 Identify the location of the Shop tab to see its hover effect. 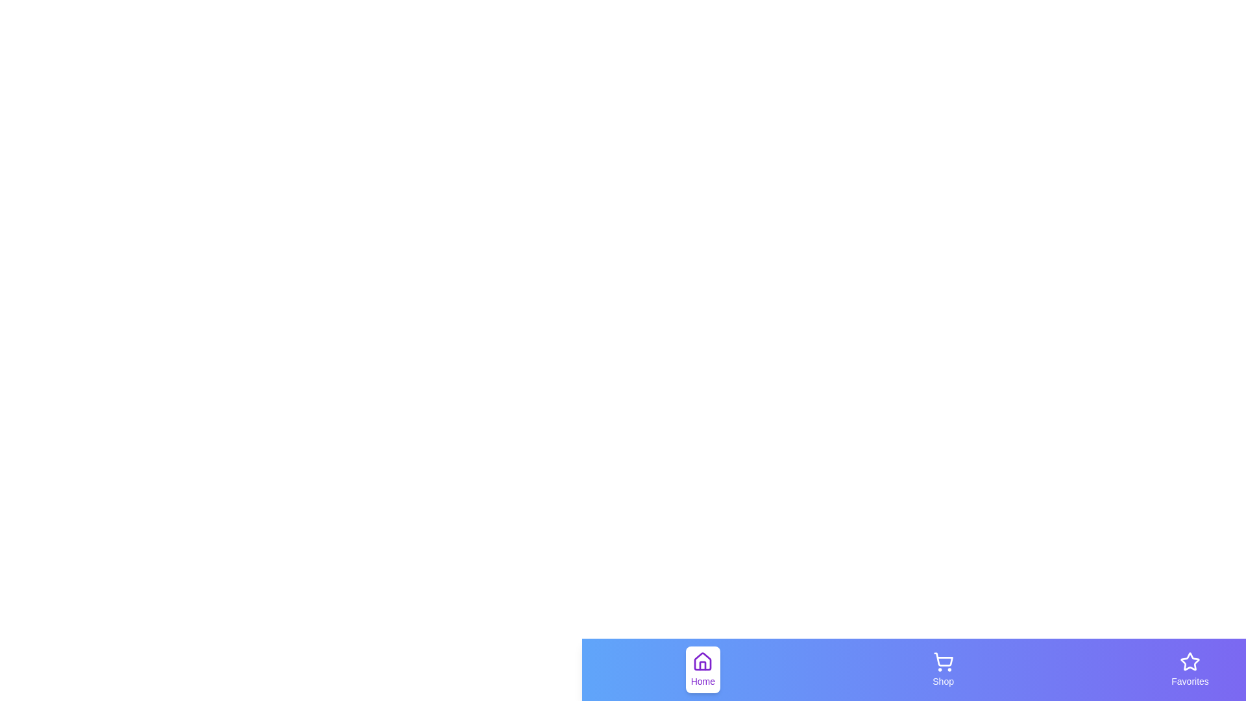
(943, 670).